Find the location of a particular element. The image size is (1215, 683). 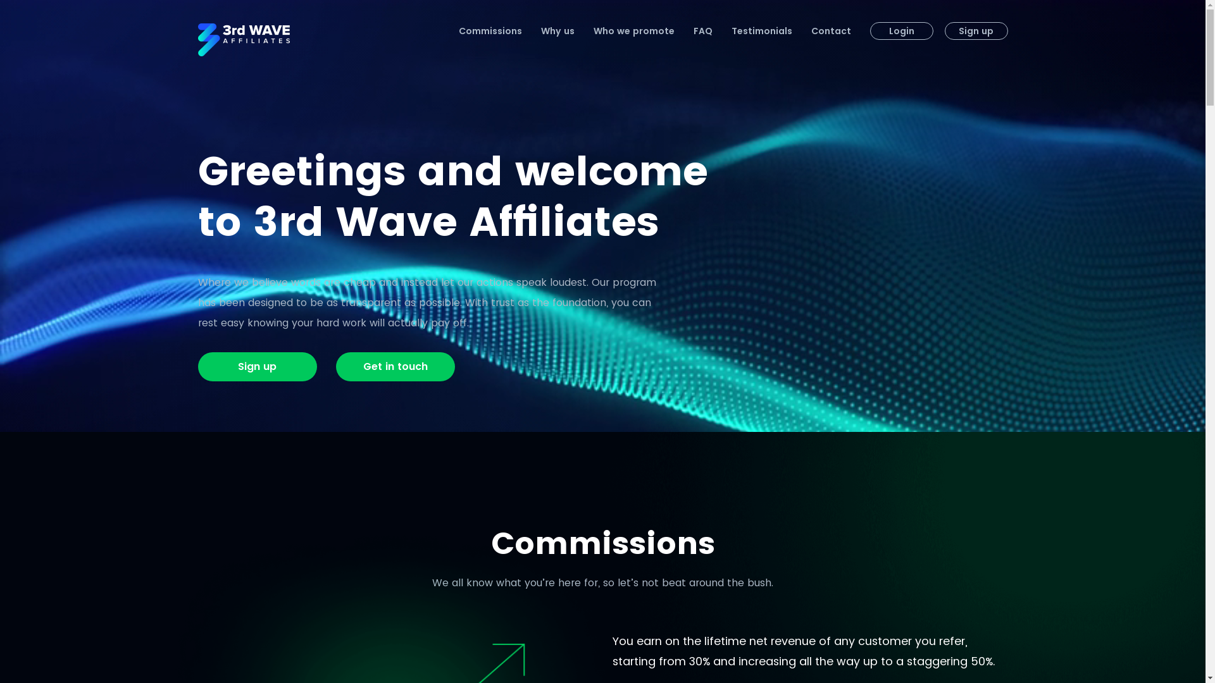

'Get in touch' is located at coordinates (394, 366).